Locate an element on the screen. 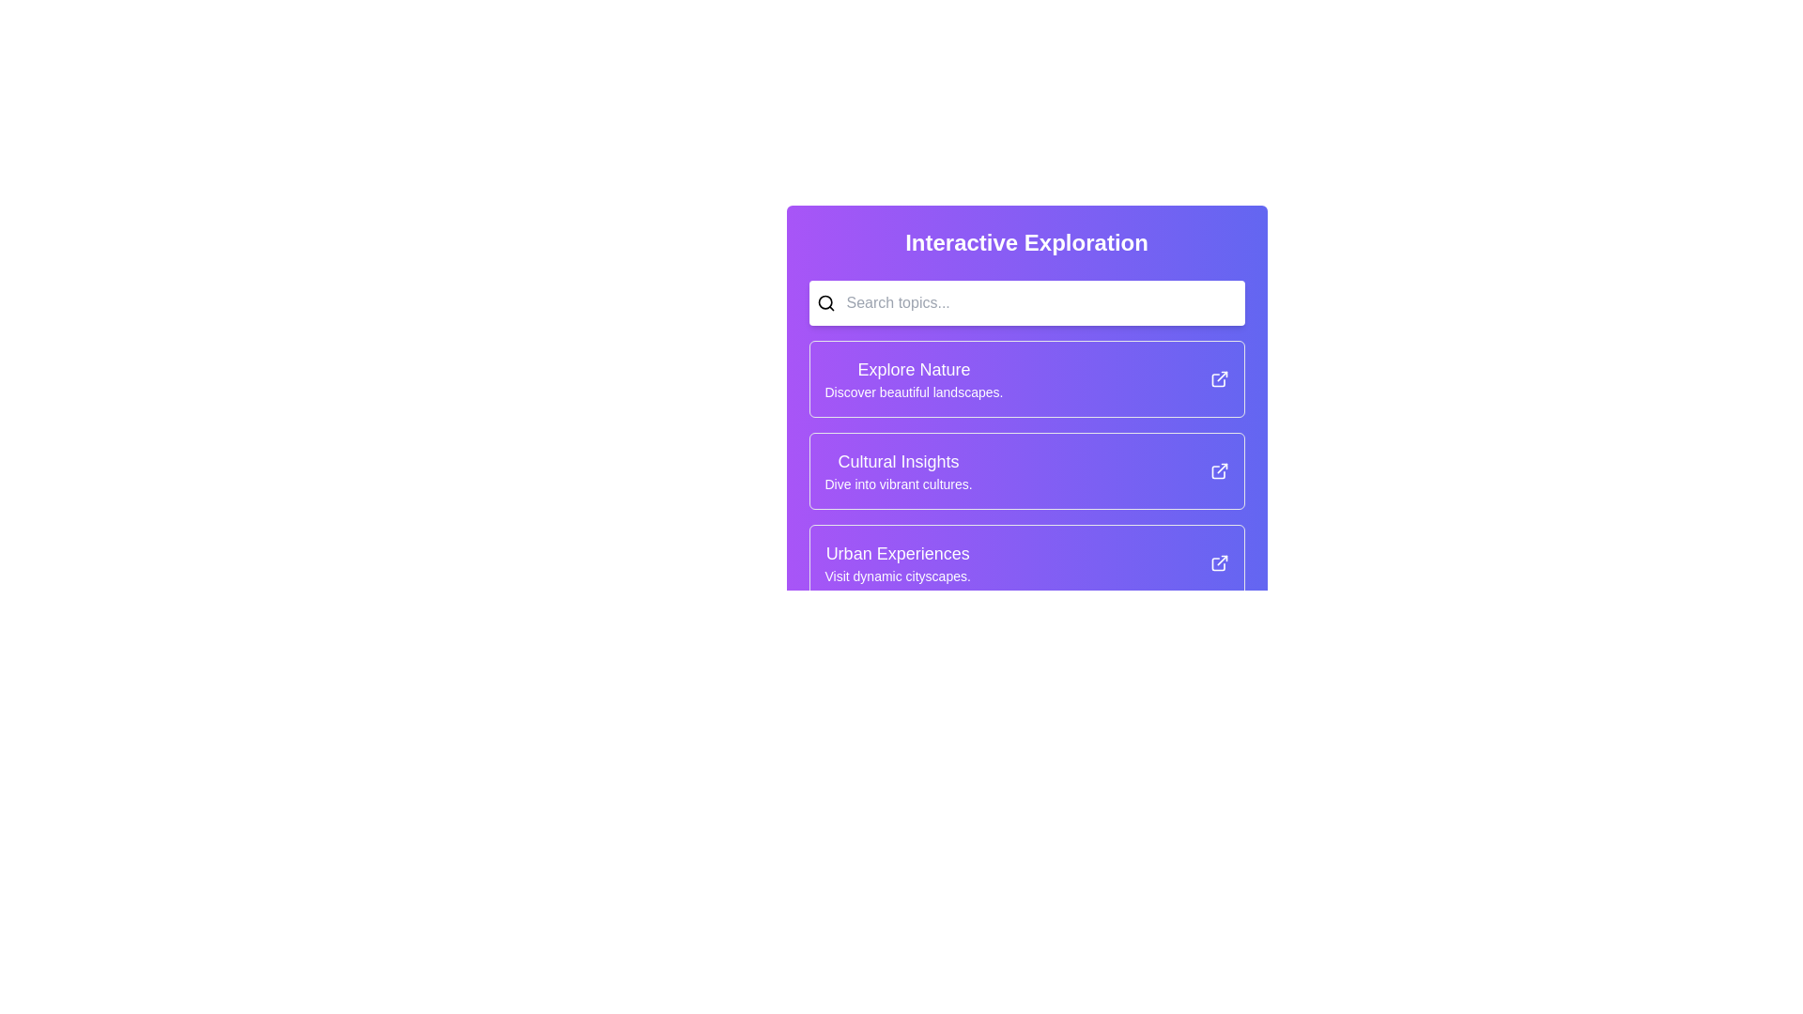 Image resolution: width=1803 pixels, height=1014 pixels. the descriptive text element related to the 'Urban Experiences' section, which is positioned below the title text 'Urban Experiences.' is located at coordinates (897, 575).